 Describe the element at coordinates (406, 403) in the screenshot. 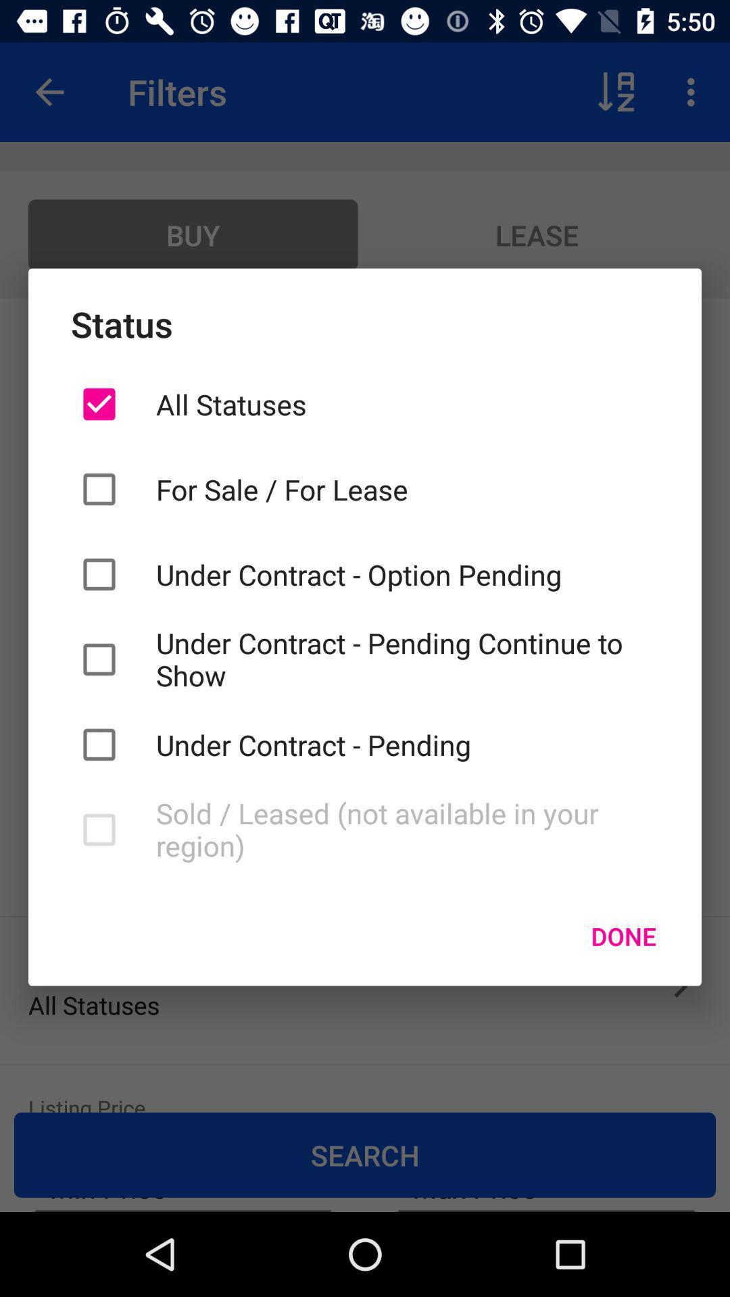

I see `all statuses` at that location.